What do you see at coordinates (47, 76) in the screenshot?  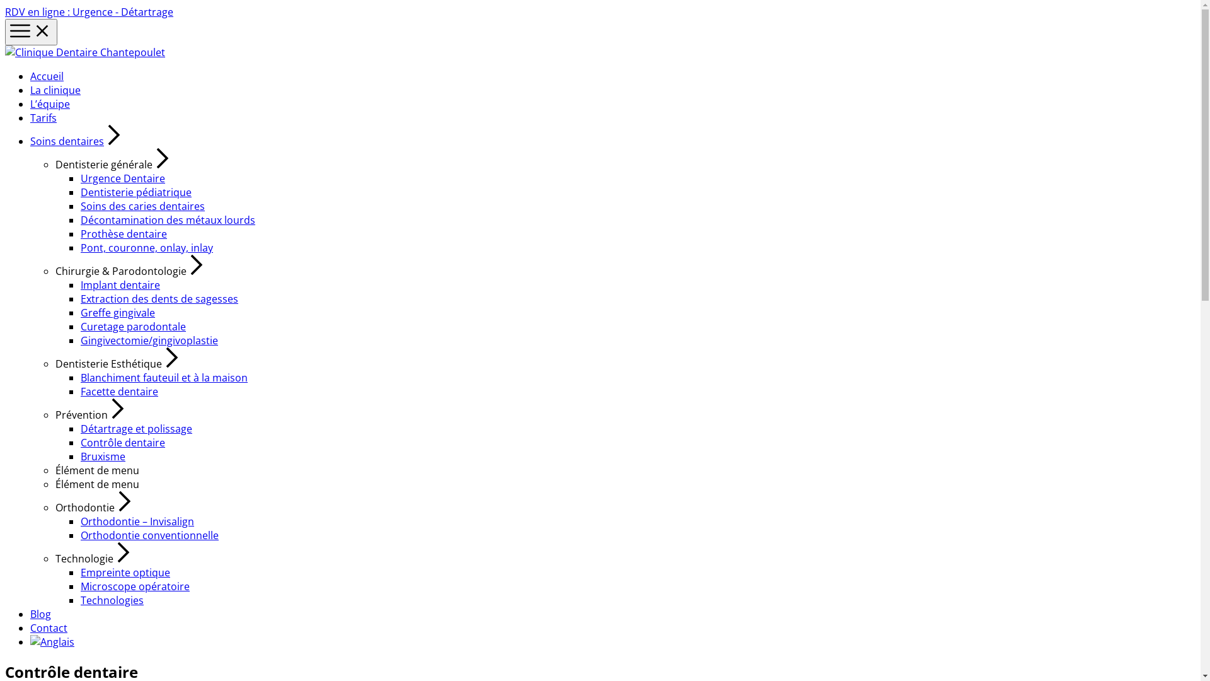 I see `'Accueil'` at bounding box center [47, 76].